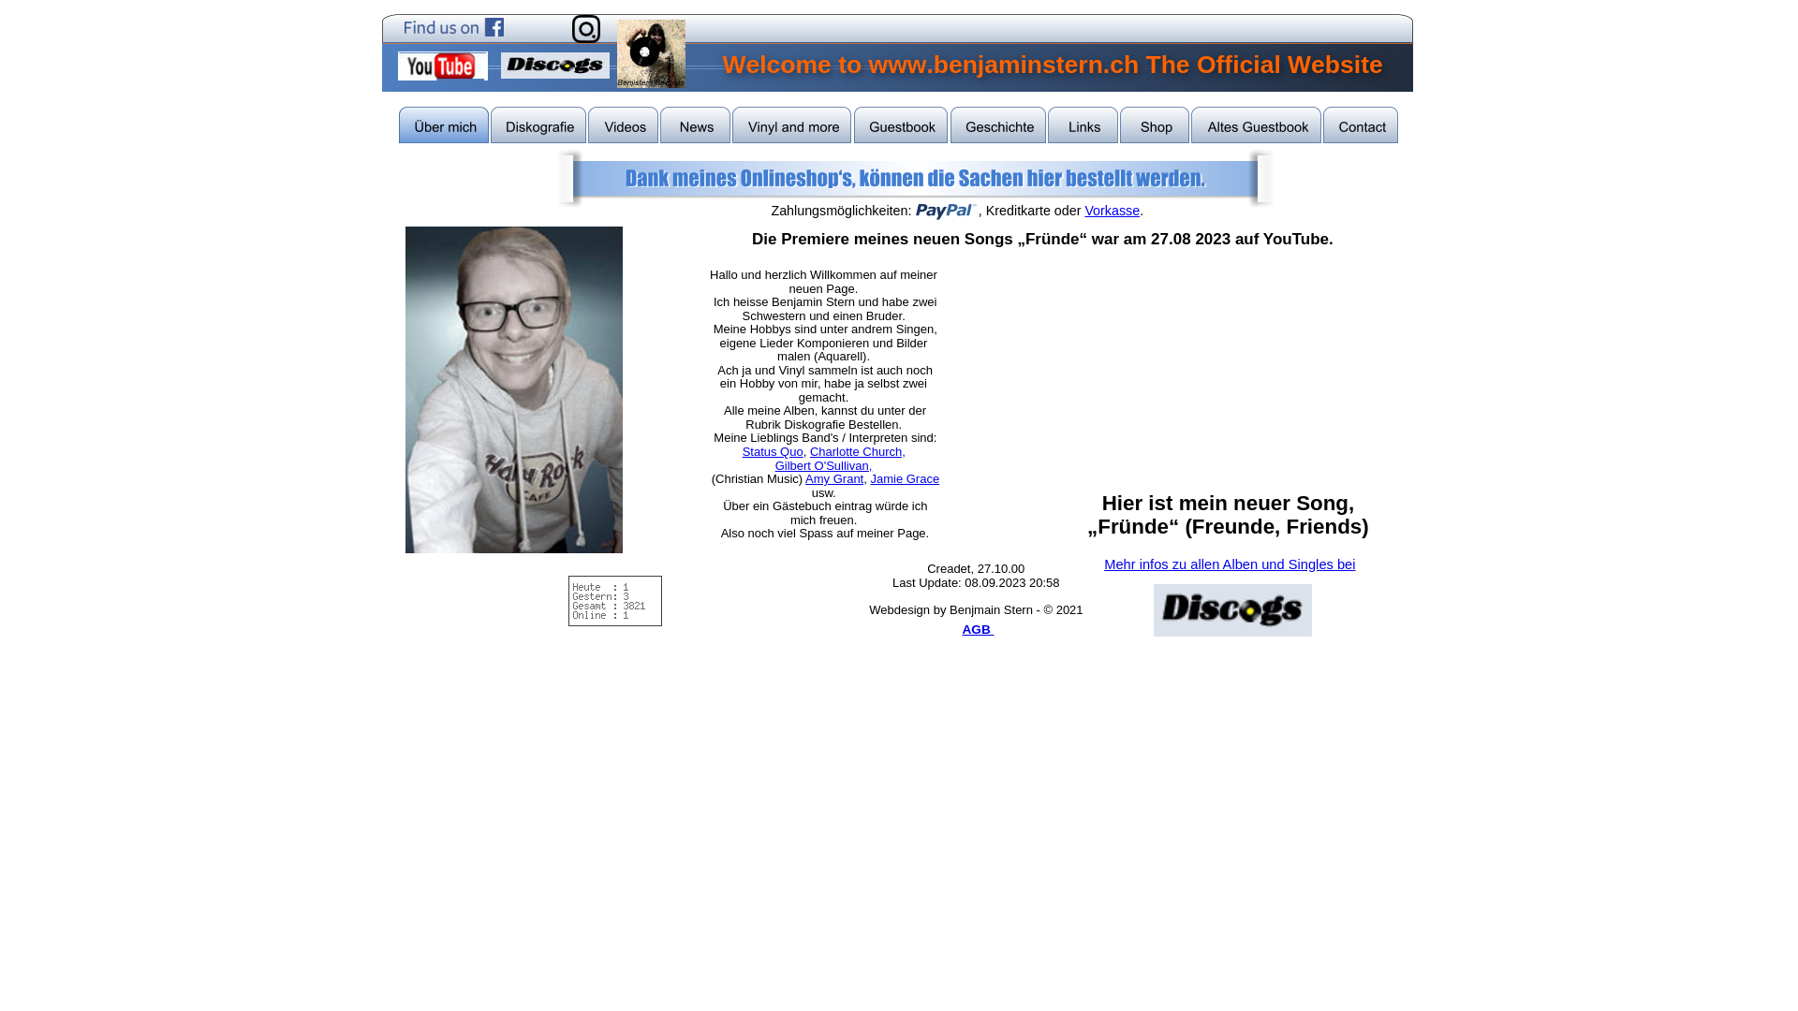 This screenshot has height=1011, width=1798. What do you see at coordinates (1226, 378) in the screenshot?
I see `'YouTube video player'` at bounding box center [1226, 378].